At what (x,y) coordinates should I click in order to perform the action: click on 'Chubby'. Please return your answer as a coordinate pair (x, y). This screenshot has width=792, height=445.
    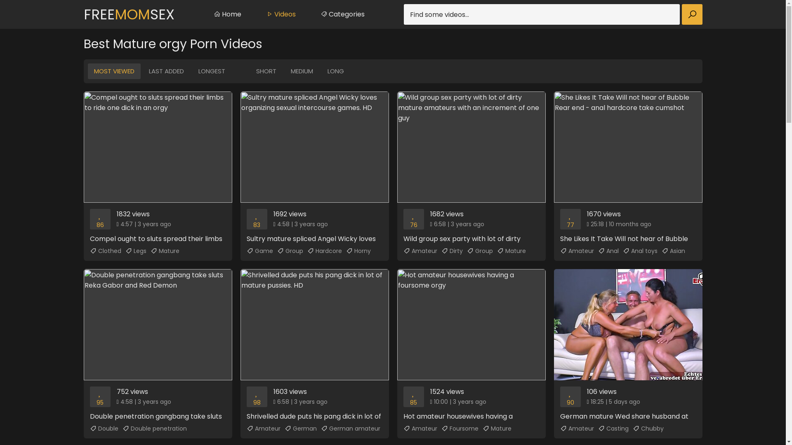
    Looking at the image, I should click on (632, 428).